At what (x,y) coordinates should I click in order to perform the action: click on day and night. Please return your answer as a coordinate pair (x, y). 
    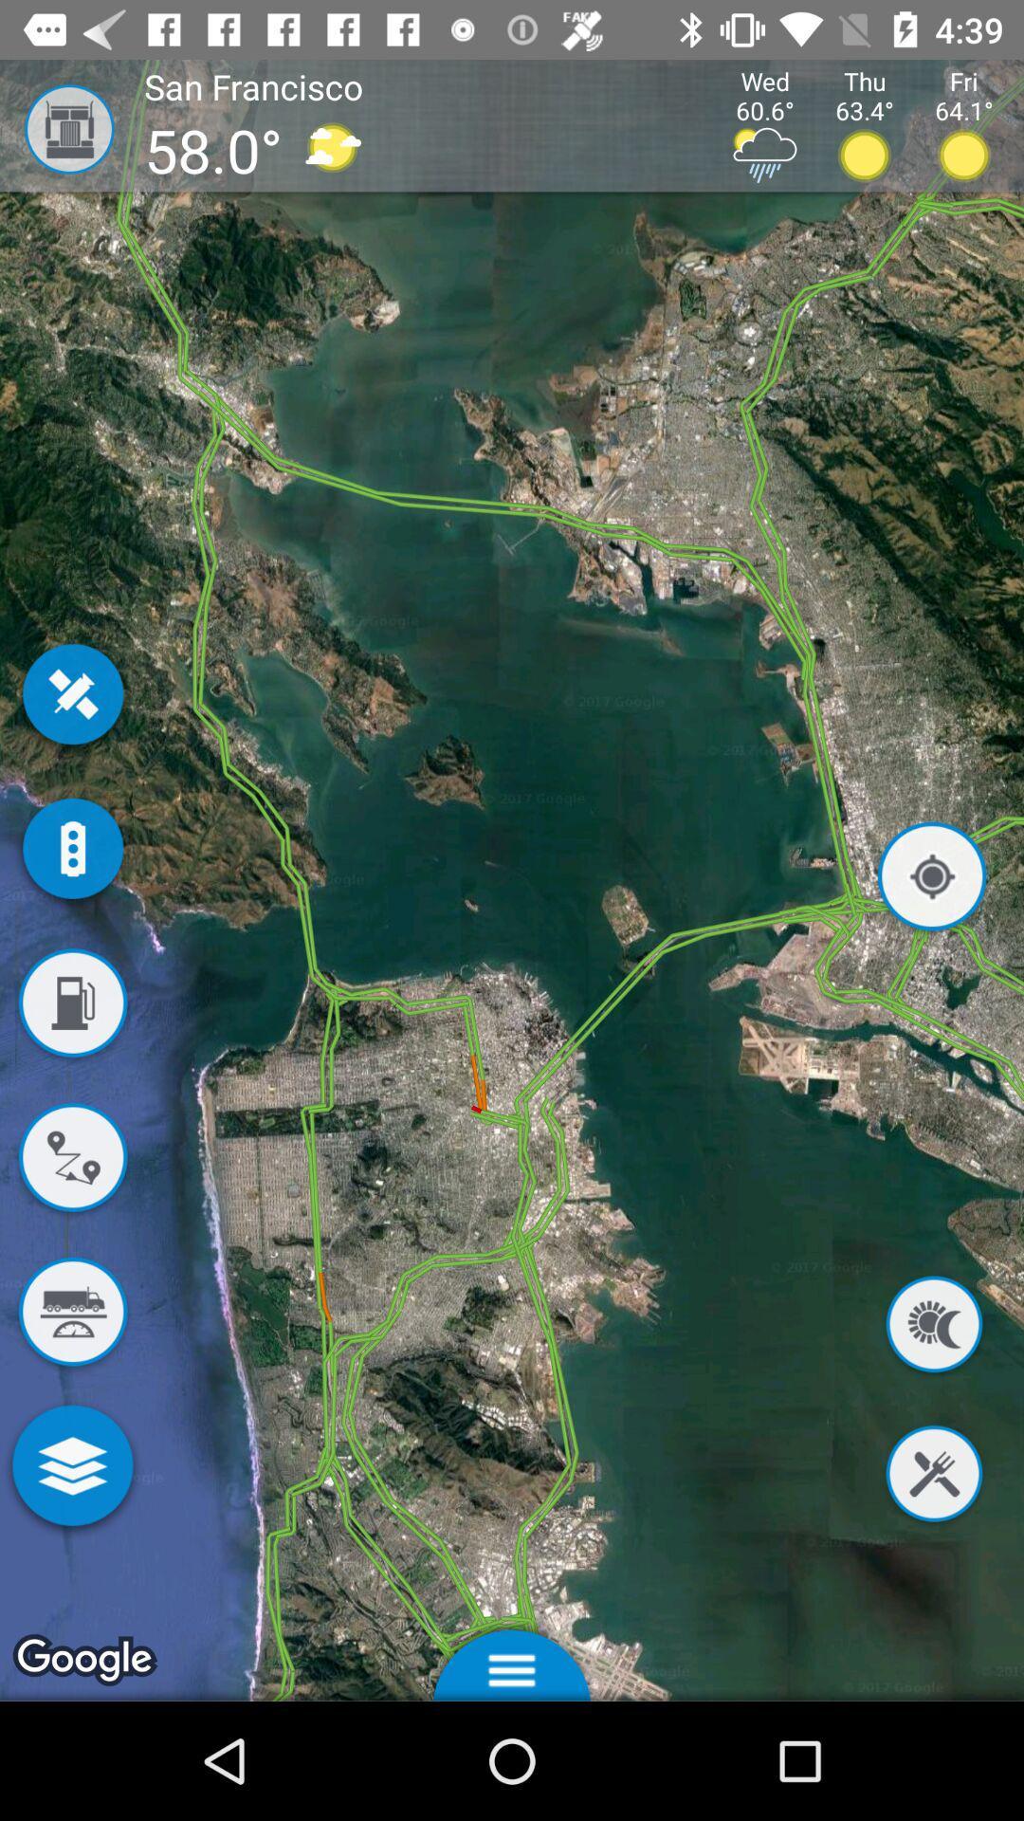
    Looking at the image, I should click on (933, 1327).